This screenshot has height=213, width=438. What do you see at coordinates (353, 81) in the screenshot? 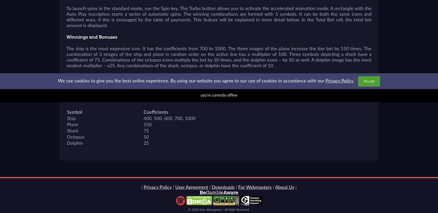
I see `'.'` at bounding box center [353, 81].